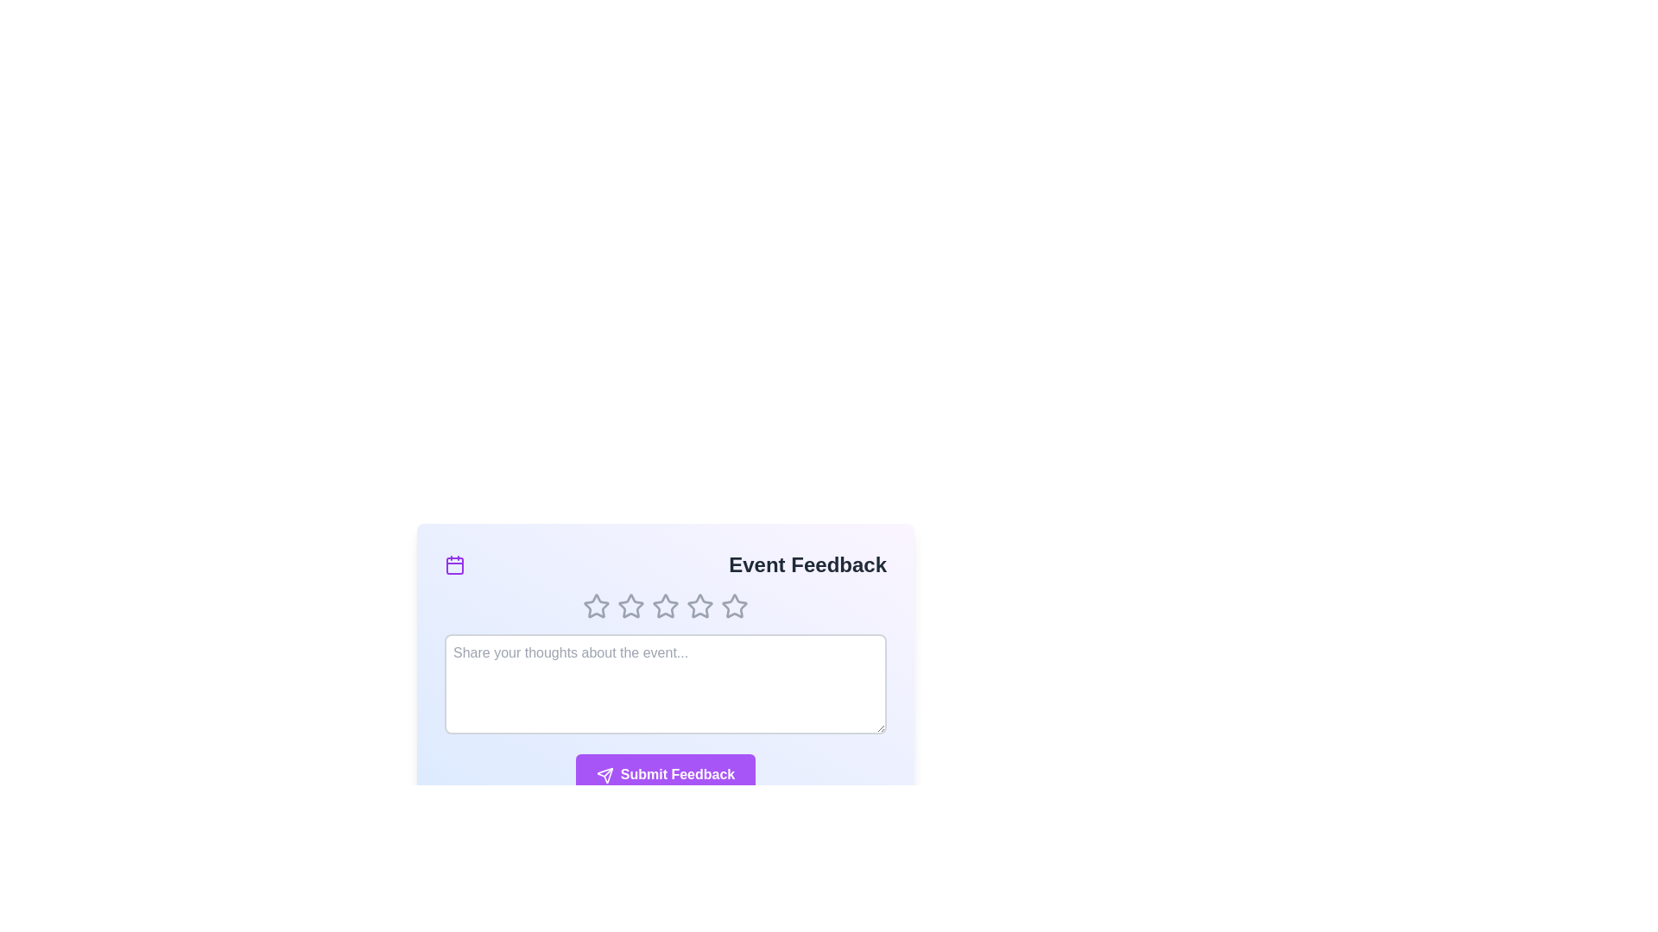 The width and height of the screenshot is (1658, 932). I want to click on the second star icon in the row of five stars for rating feedback, located under the 'Event Feedback' heading, so click(665, 605).